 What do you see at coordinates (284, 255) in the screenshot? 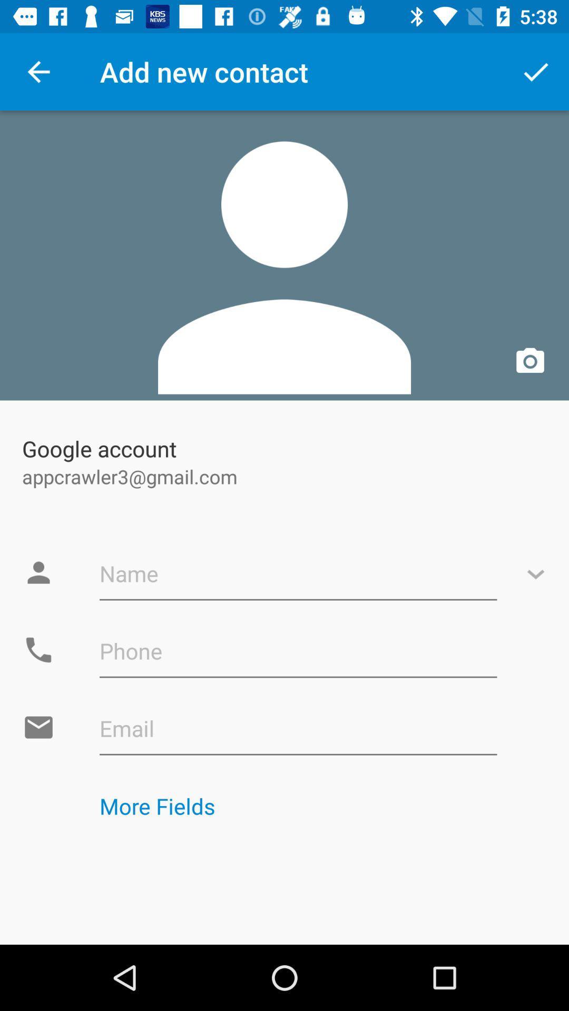
I see `app above google account icon` at bounding box center [284, 255].